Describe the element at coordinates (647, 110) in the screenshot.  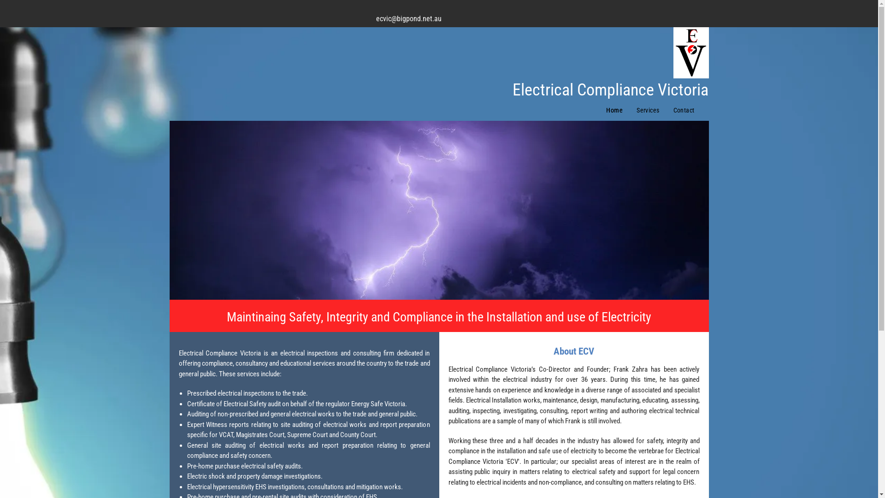
I see `'Services'` at that location.